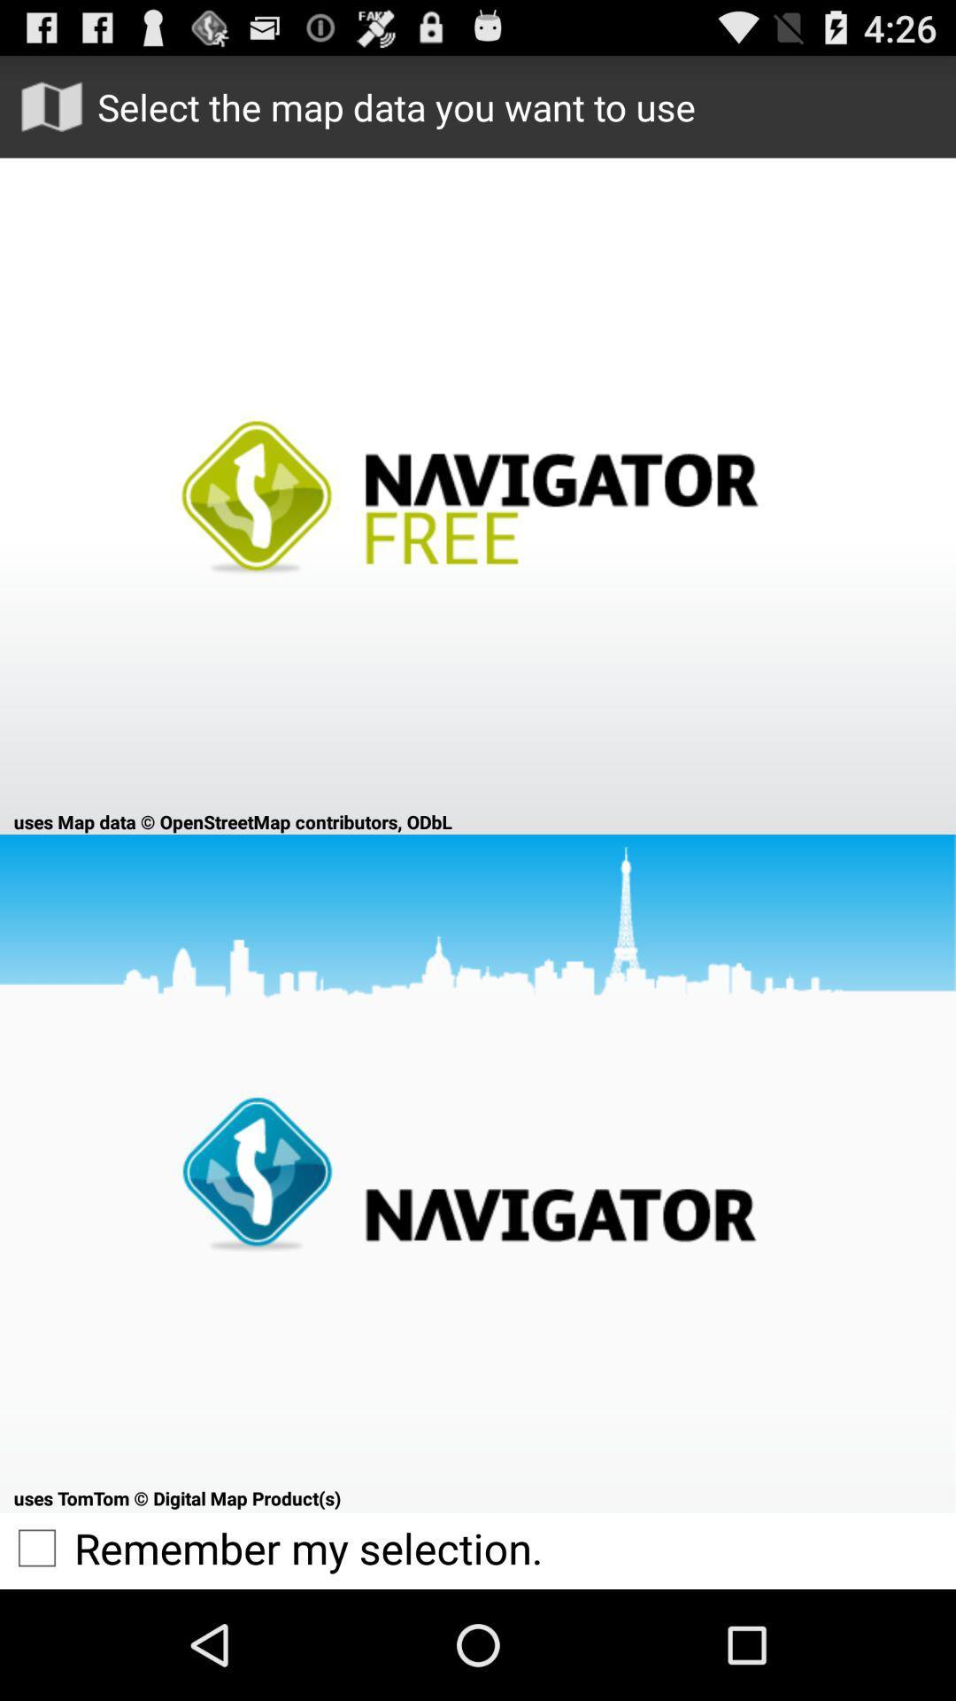 This screenshot has height=1701, width=956. I want to click on map data navigator at bottom, so click(478, 1173).